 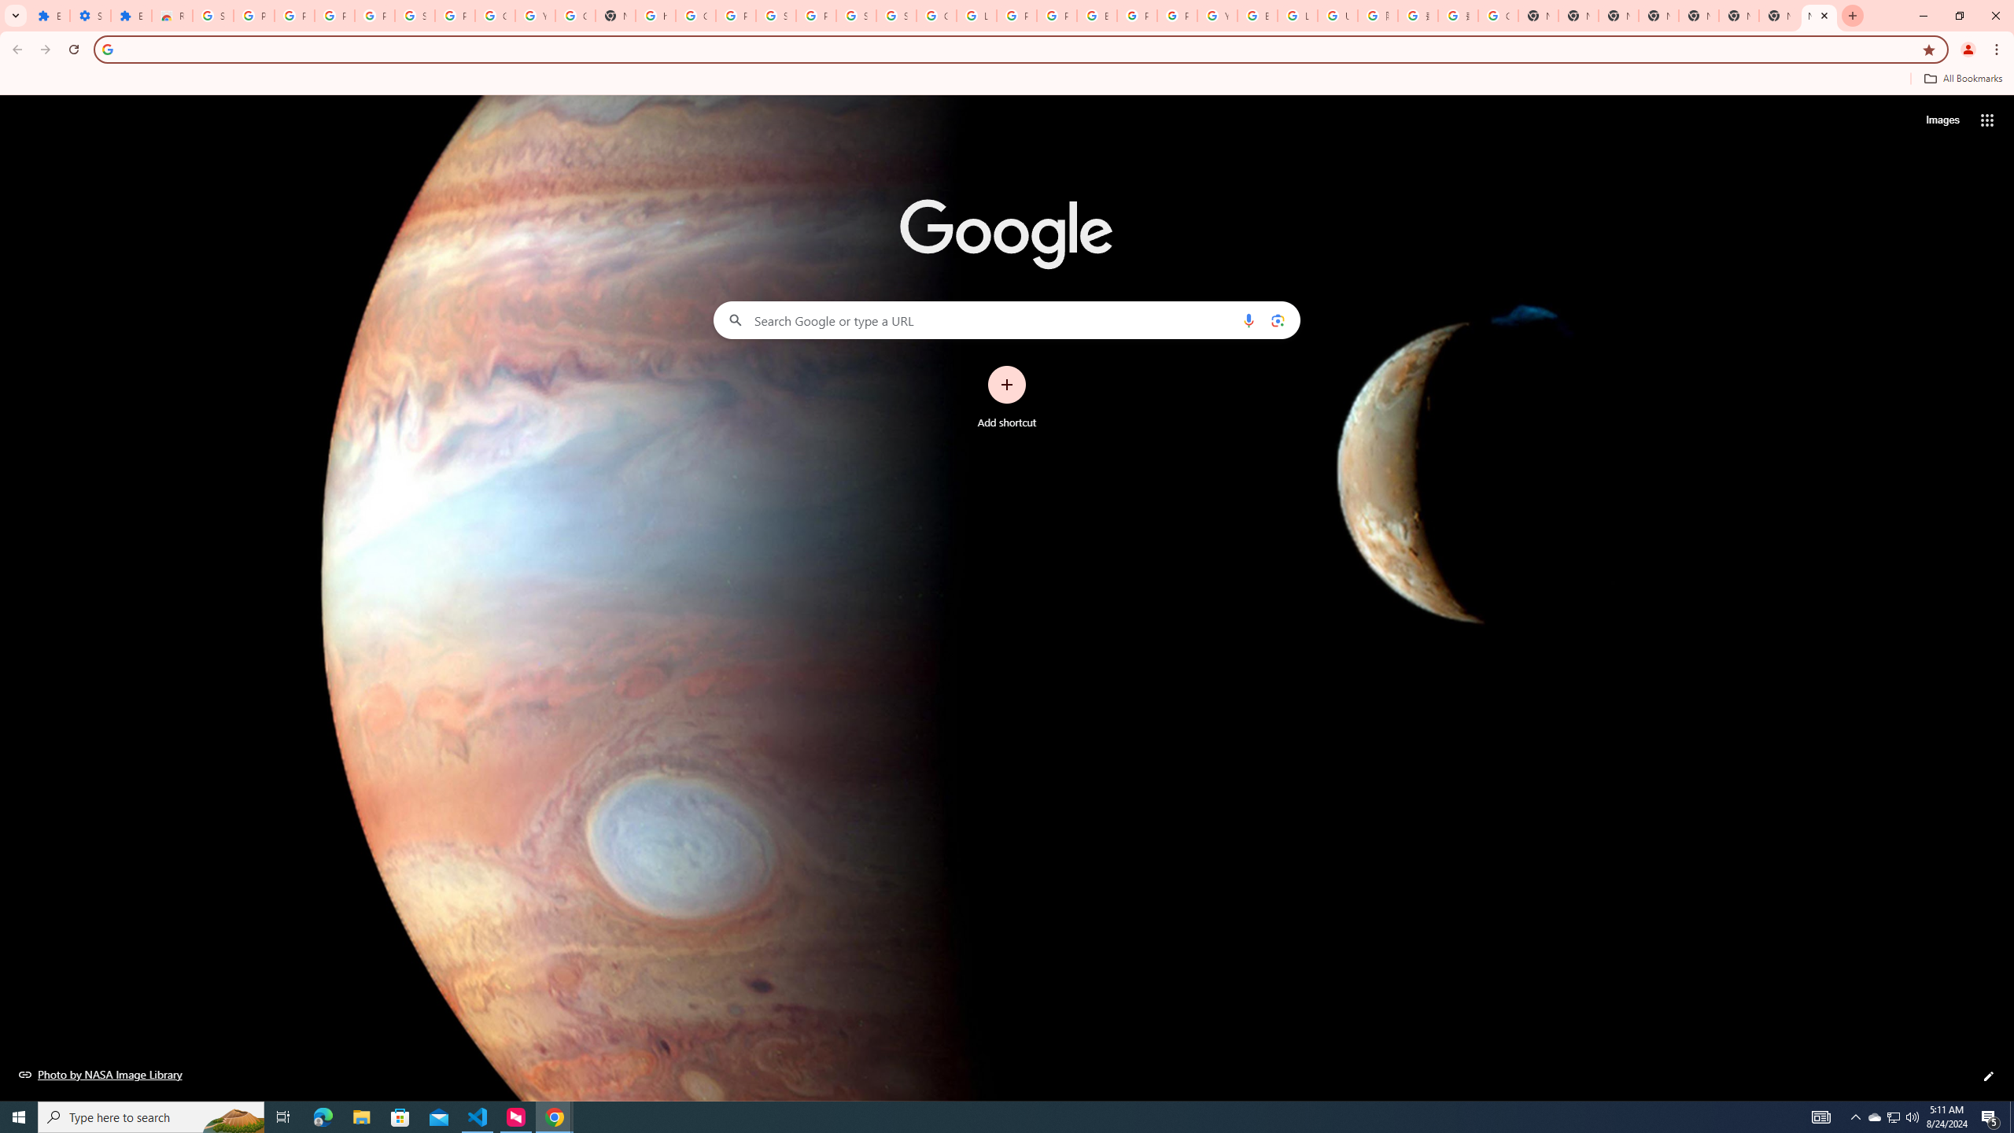 I want to click on 'Privacy Help Center - Policies Help', so click(x=1016, y=15).